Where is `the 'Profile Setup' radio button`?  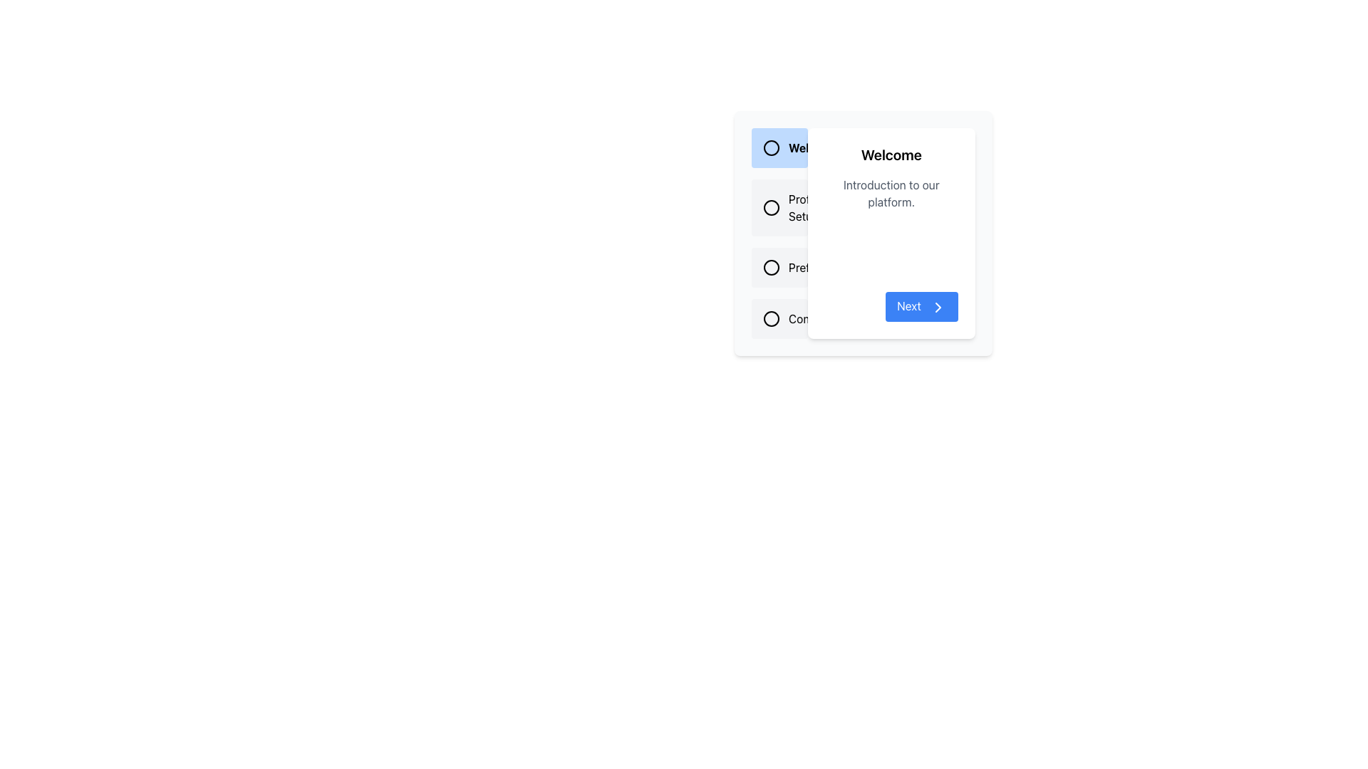
the 'Profile Setup' radio button is located at coordinates (779, 208).